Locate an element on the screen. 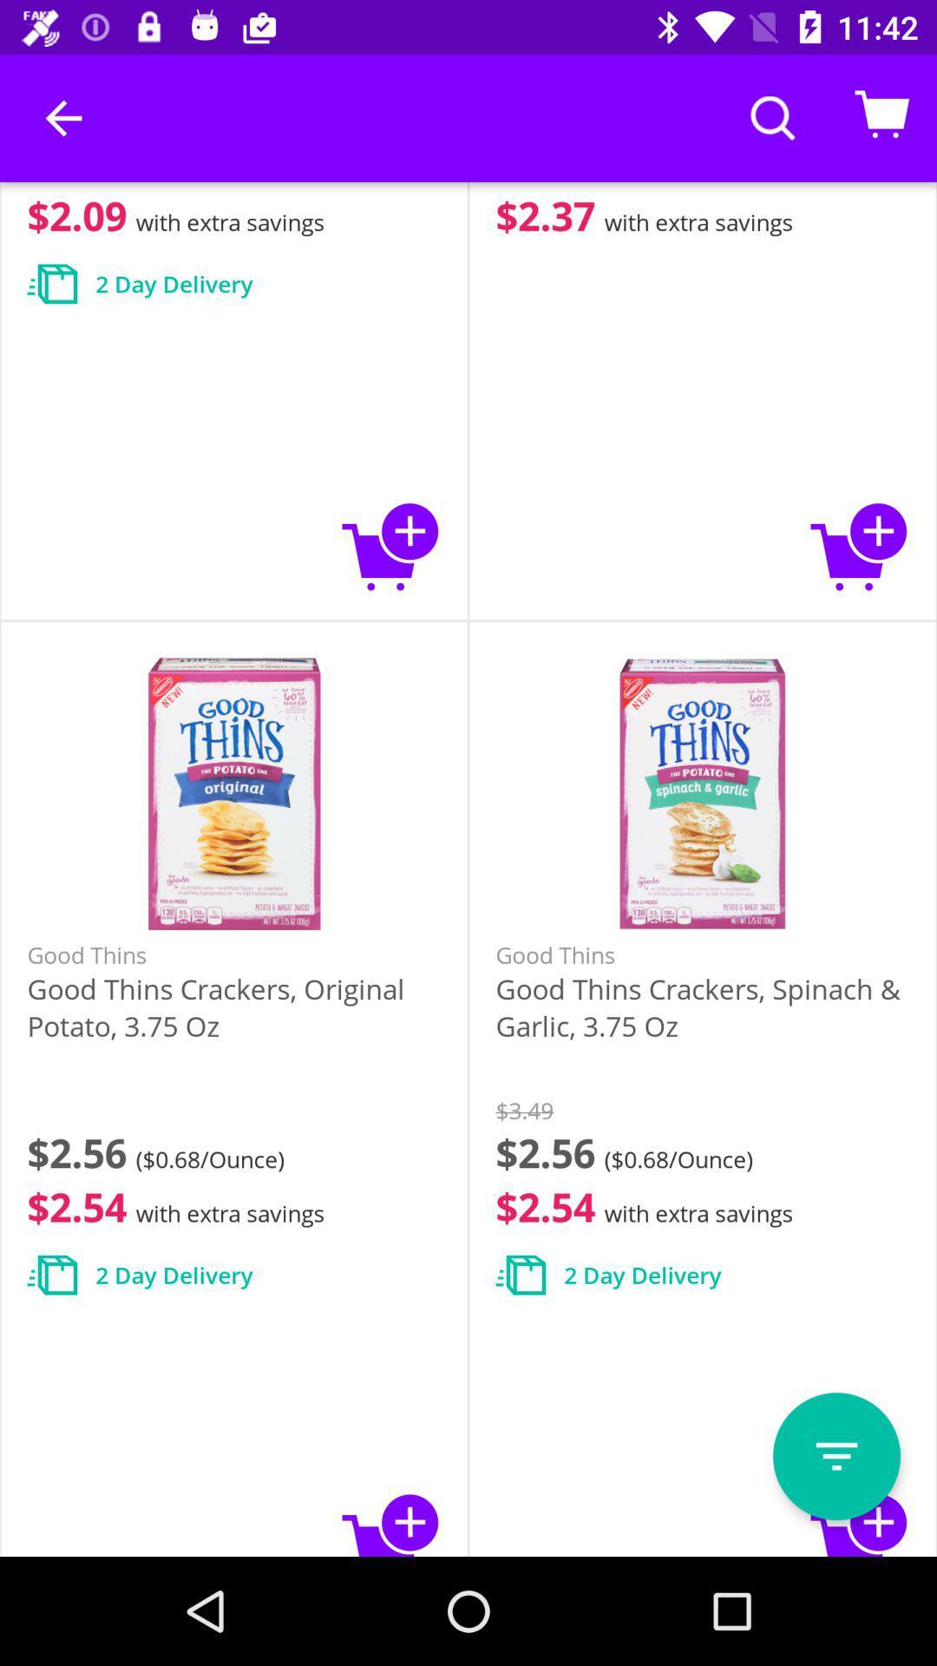 The image size is (937, 1666). click the o is located at coordinates (835, 1456).